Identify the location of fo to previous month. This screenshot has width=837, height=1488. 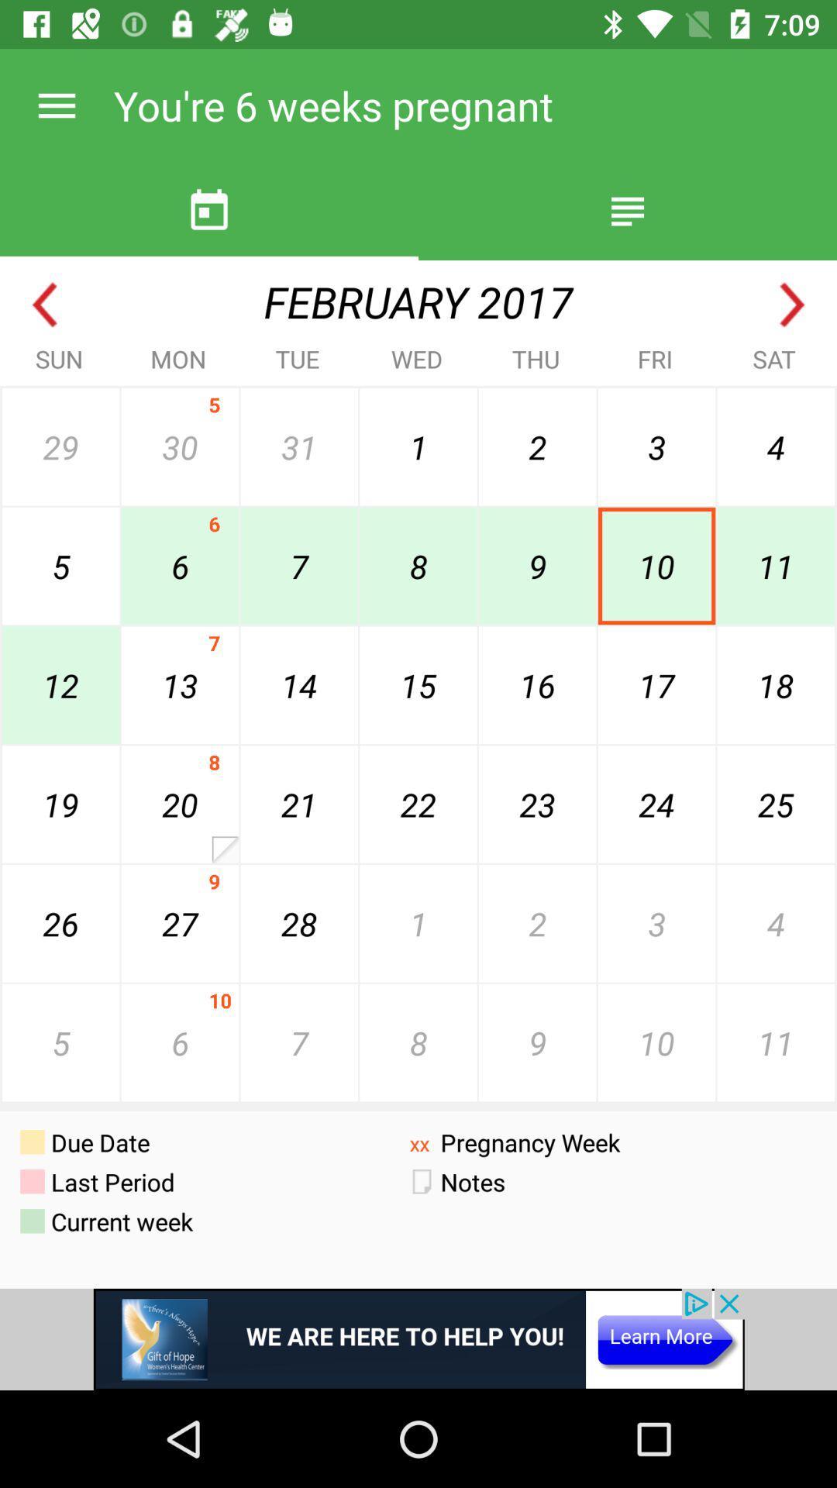
(43, 305).